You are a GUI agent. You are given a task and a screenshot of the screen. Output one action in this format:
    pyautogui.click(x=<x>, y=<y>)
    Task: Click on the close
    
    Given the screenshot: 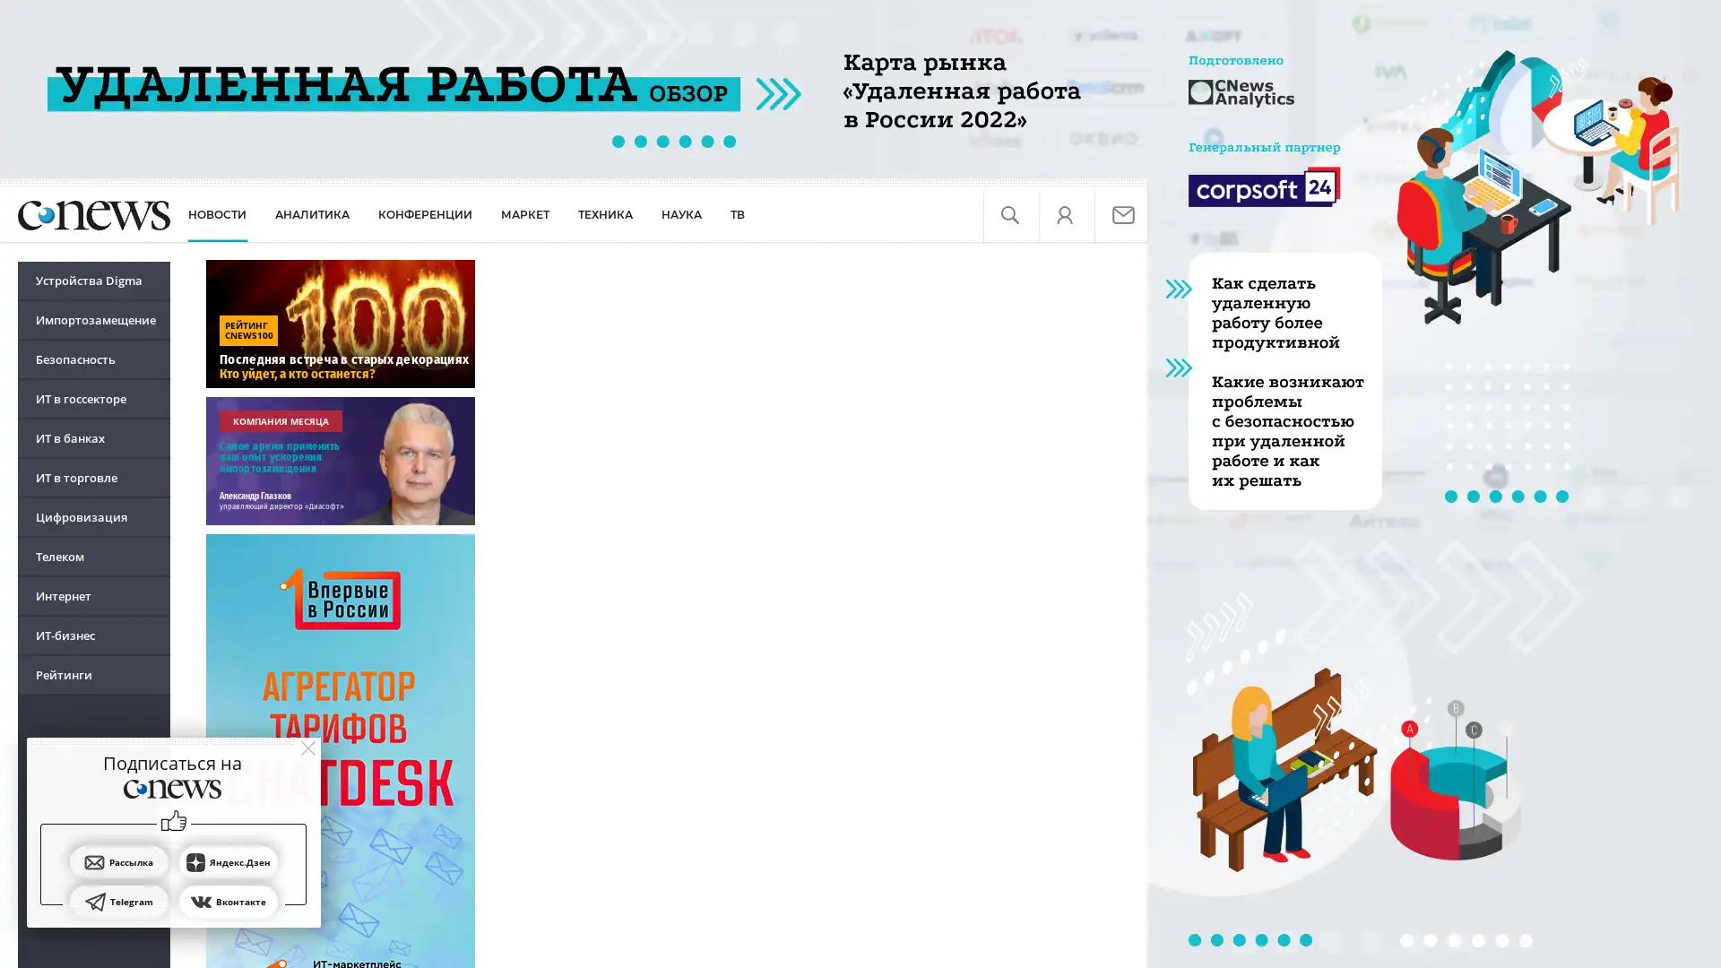 What is the action you would take?
    pyautogui.click(x=308, y=749)
    